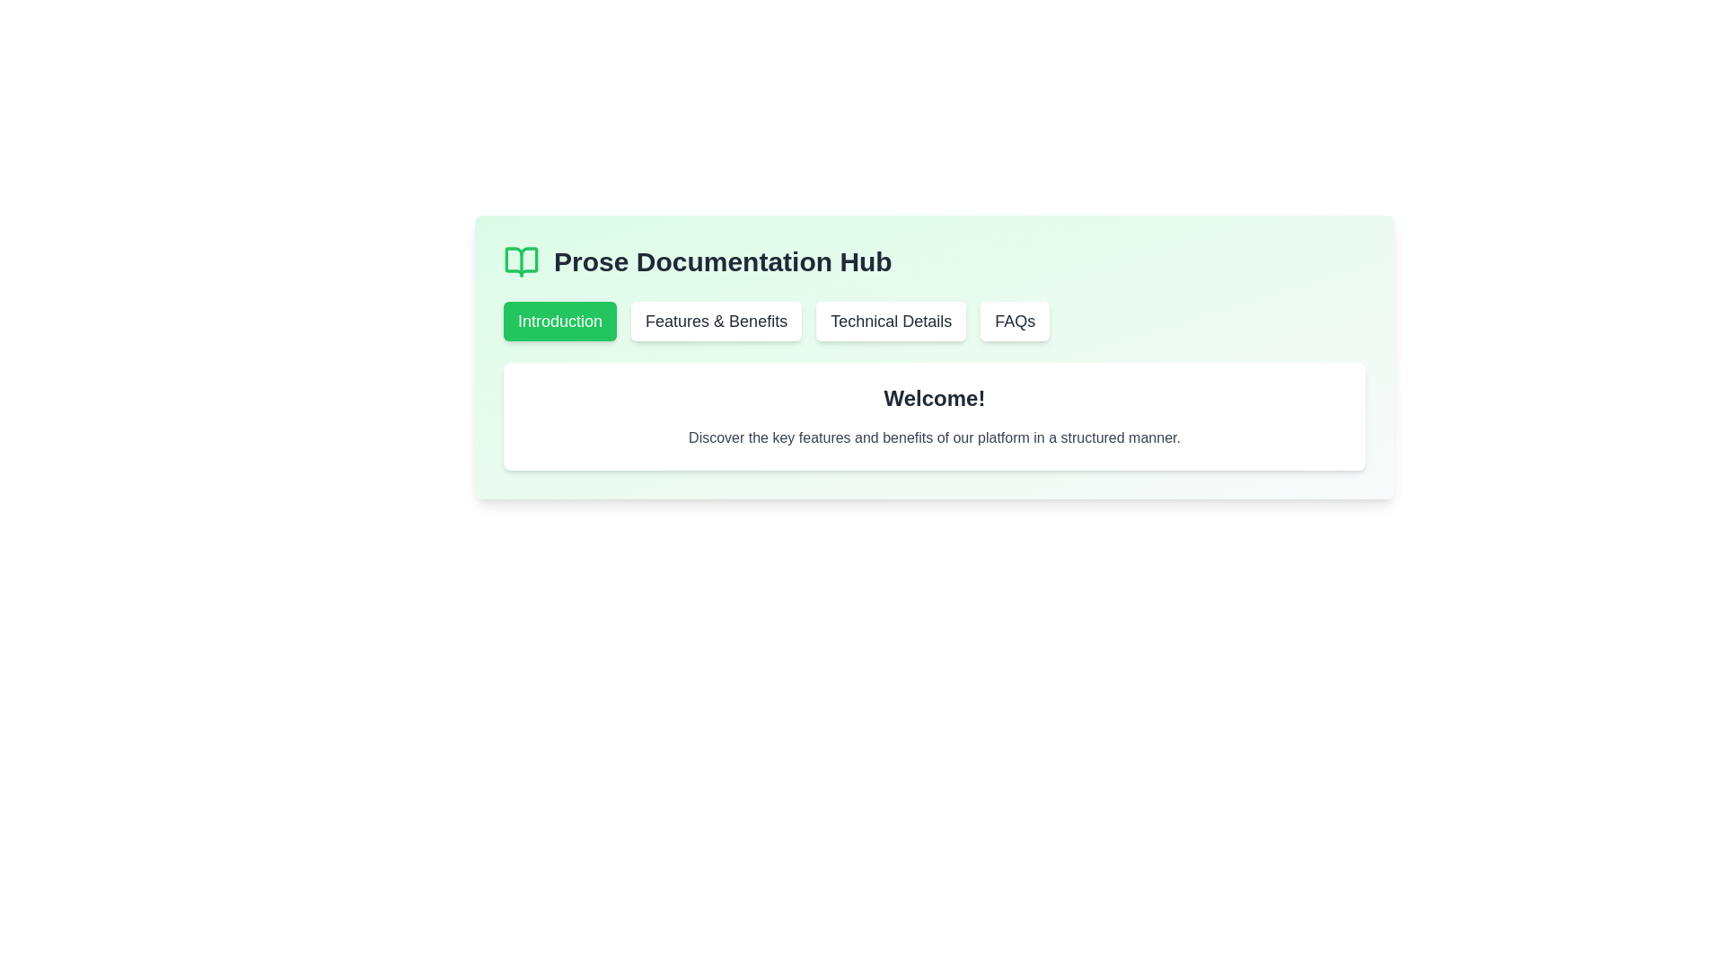 The image size is (1724, 970). Describe the element at coordinates (891, 321) in the screenshot. I see `keyboard navigation` at that location.